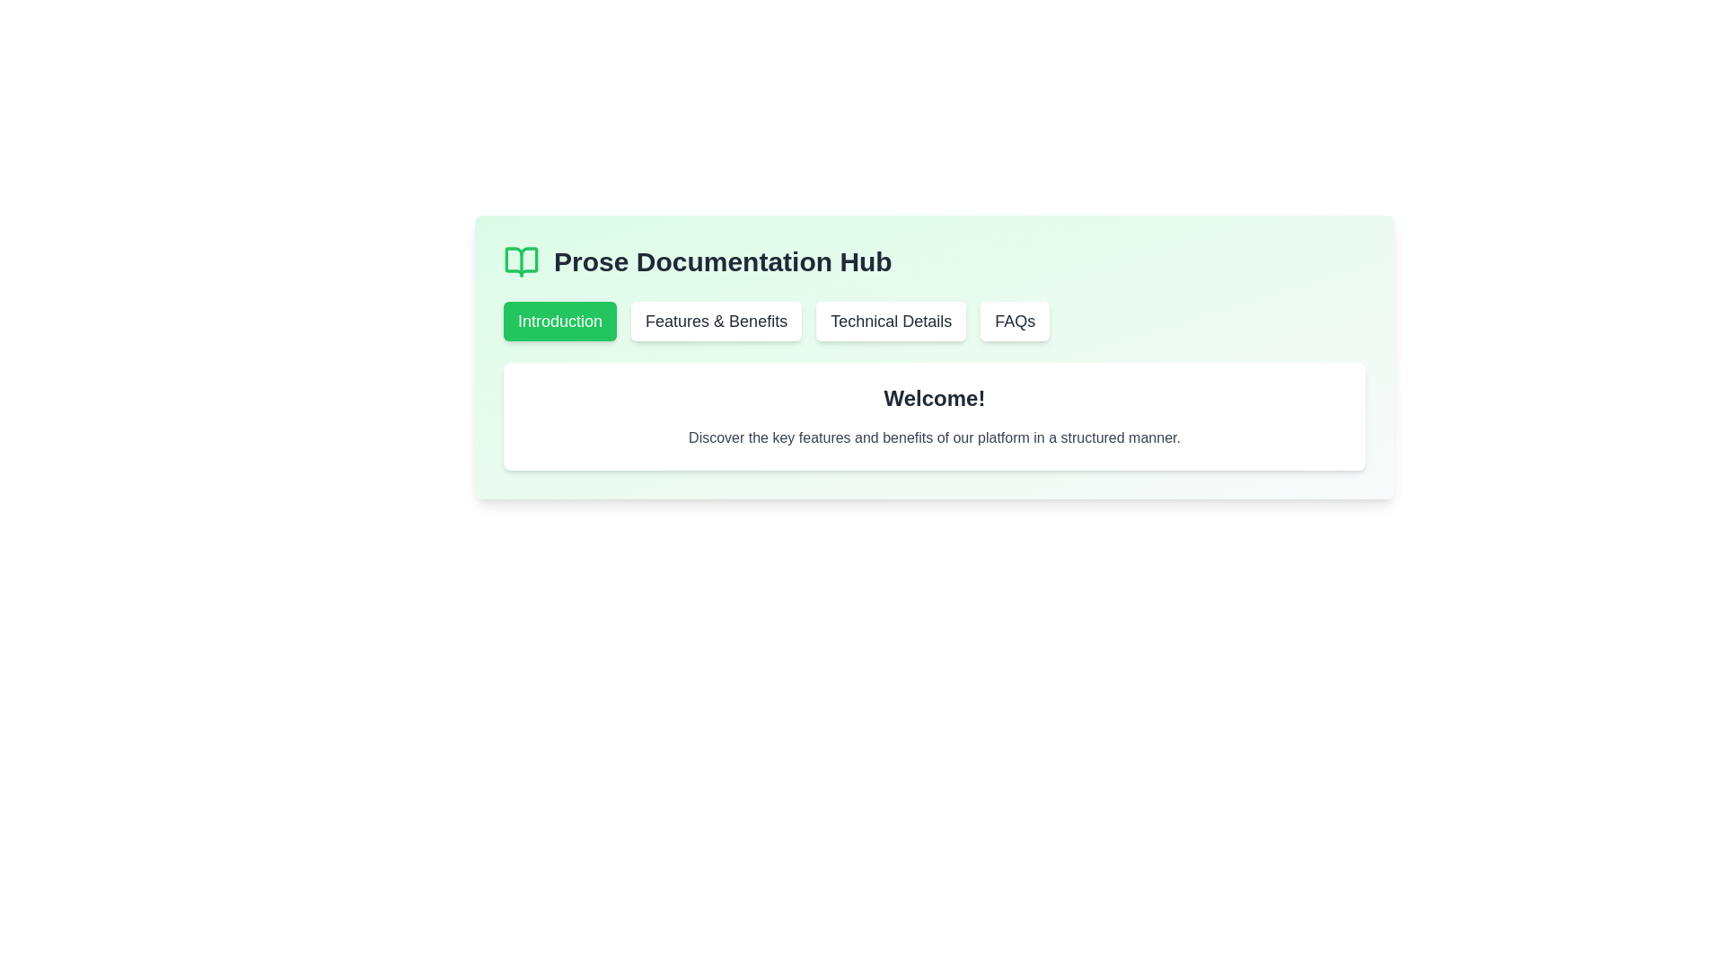 The image size is (1724, 970). Describe the element at coordinates (891, 321) in the screenshot. I see `keyboard navigation` at that location.